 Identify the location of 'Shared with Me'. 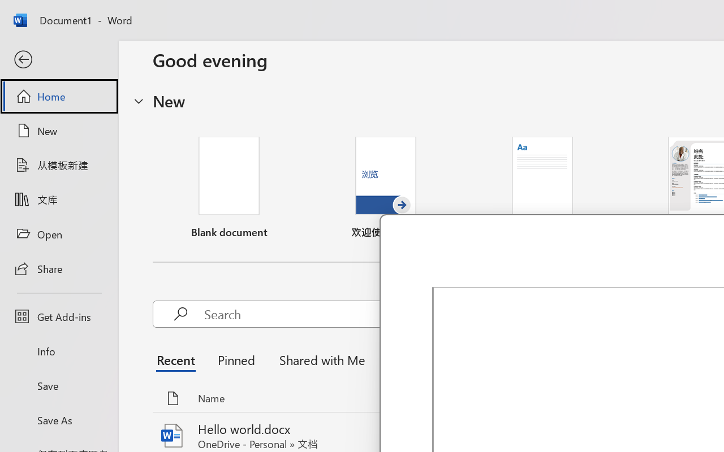
(318, 359).